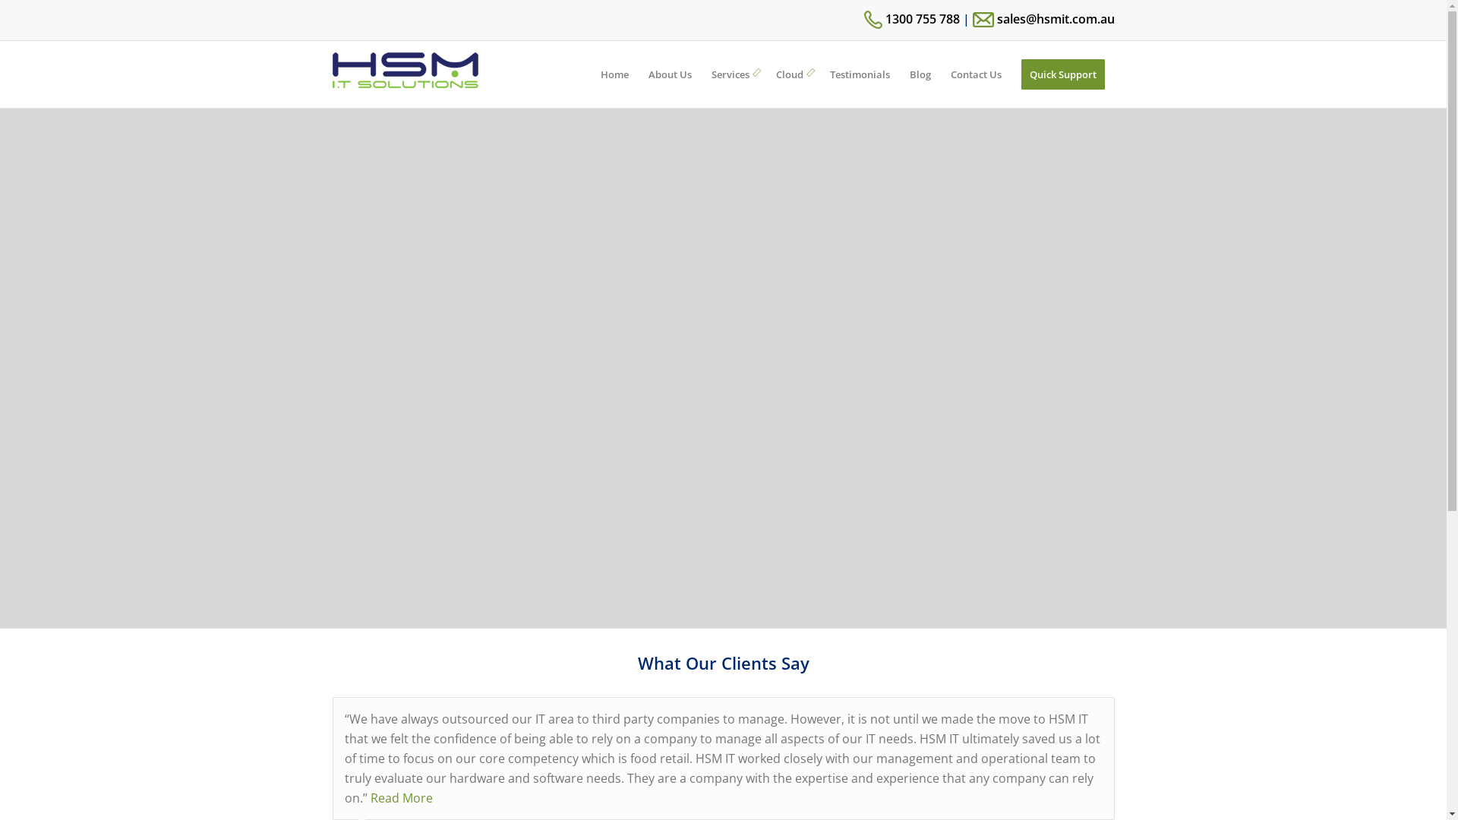  Describe the element at coordinates (734, 74) in the screenshot. I see `'Services'` at that location.